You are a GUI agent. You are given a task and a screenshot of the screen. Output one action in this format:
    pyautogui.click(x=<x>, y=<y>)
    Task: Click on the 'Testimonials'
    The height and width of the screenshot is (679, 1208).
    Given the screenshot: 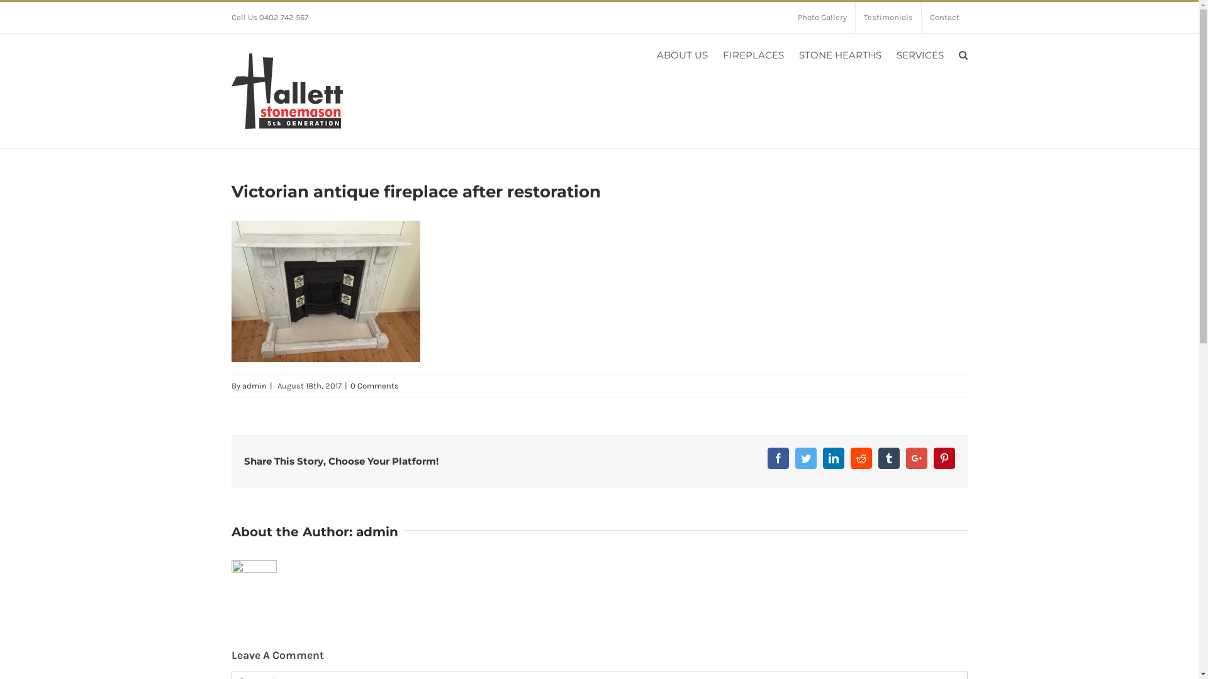 What is the action you would take?
    pyautogui.click(x=887, y=17)
    